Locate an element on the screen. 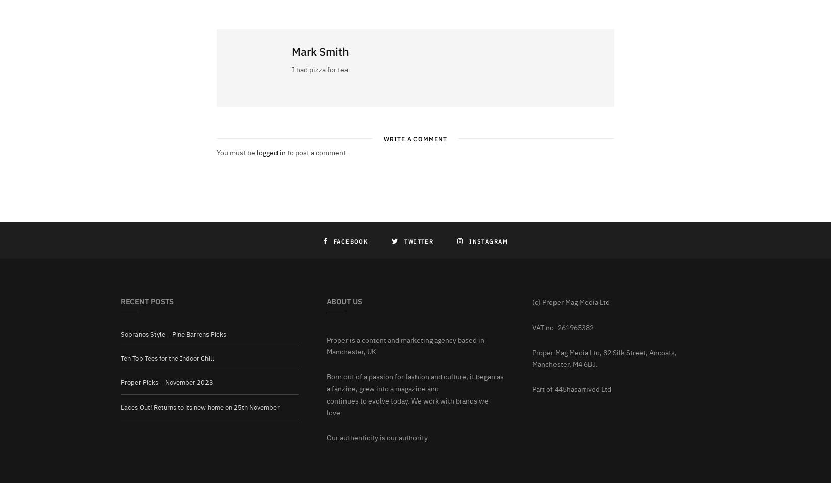 The height and width of the screenshot is (483, 831). 'Proper is a content and marketing agency based in Manchester, UK' is located at coordinates (404, 345).